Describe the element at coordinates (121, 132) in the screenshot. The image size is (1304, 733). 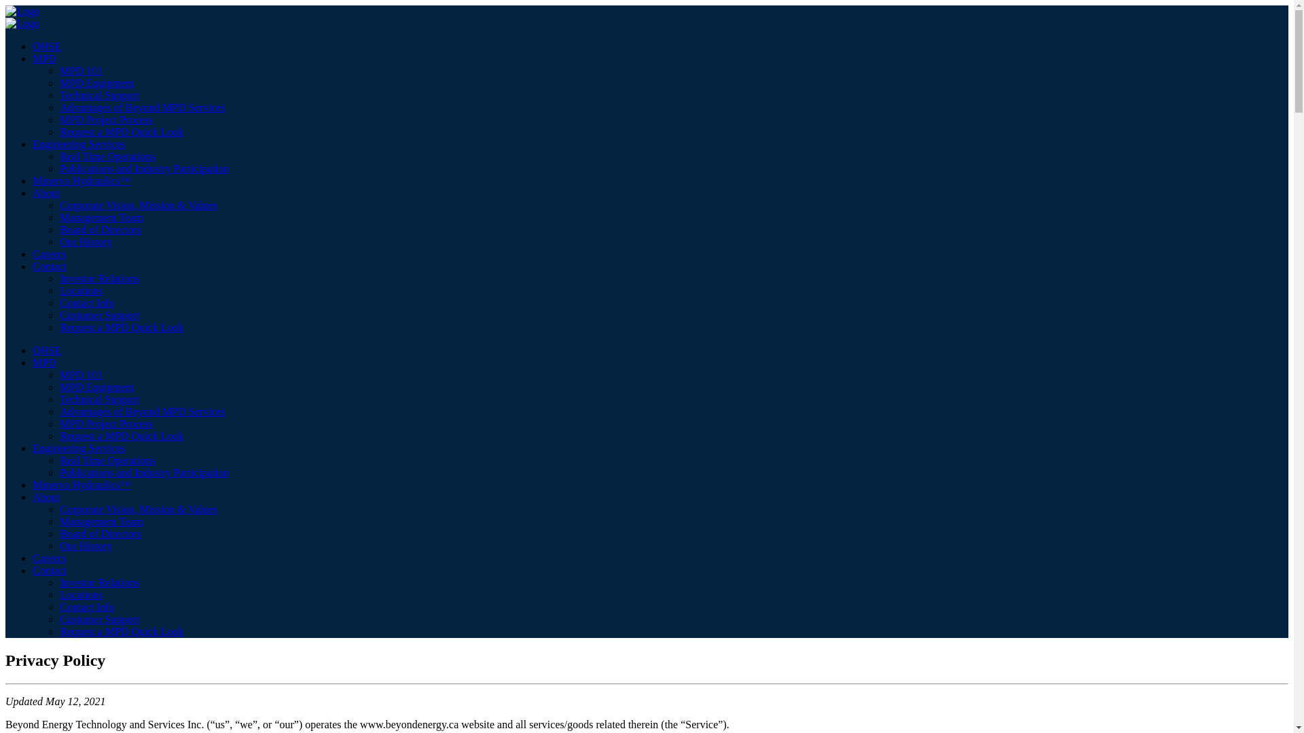
I see `'Request a MPD Quick Look'` at that location.